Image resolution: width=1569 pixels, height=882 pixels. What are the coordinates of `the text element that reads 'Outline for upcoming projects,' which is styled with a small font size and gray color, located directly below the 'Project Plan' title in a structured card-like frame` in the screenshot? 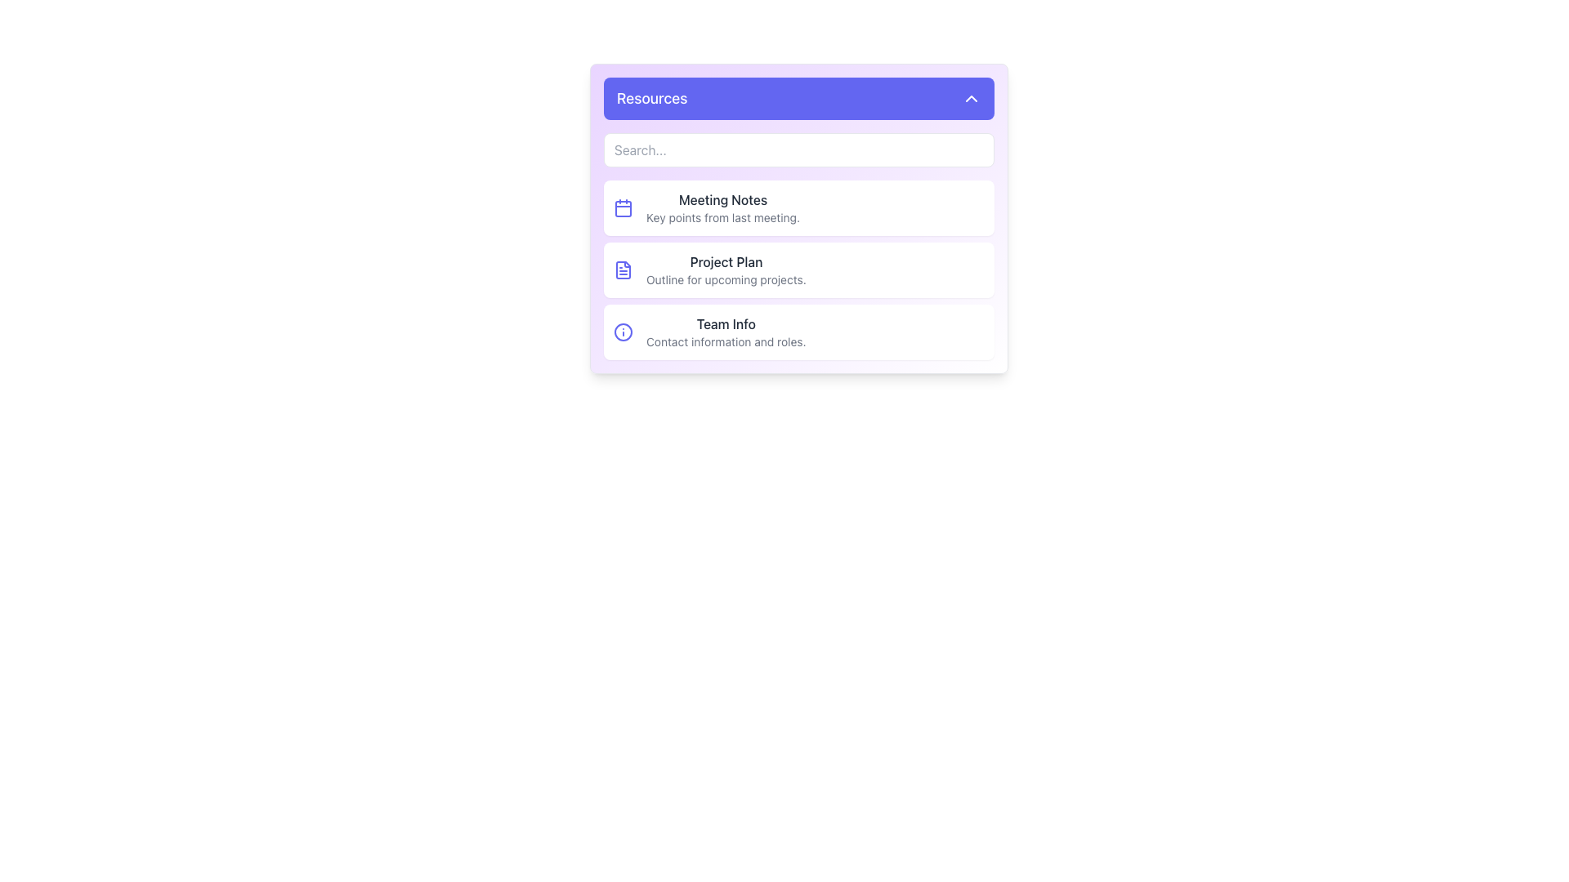 It's located at (725, 279).